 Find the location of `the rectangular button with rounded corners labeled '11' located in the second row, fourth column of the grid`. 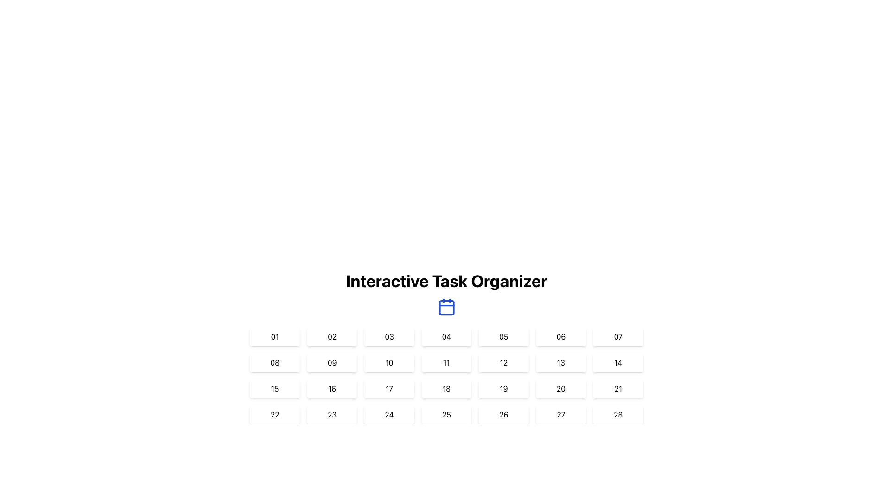

the rectangular button with rounded corners labeled '11' located in the second row, fourth column of the grid is located at coordinates (446, 362).